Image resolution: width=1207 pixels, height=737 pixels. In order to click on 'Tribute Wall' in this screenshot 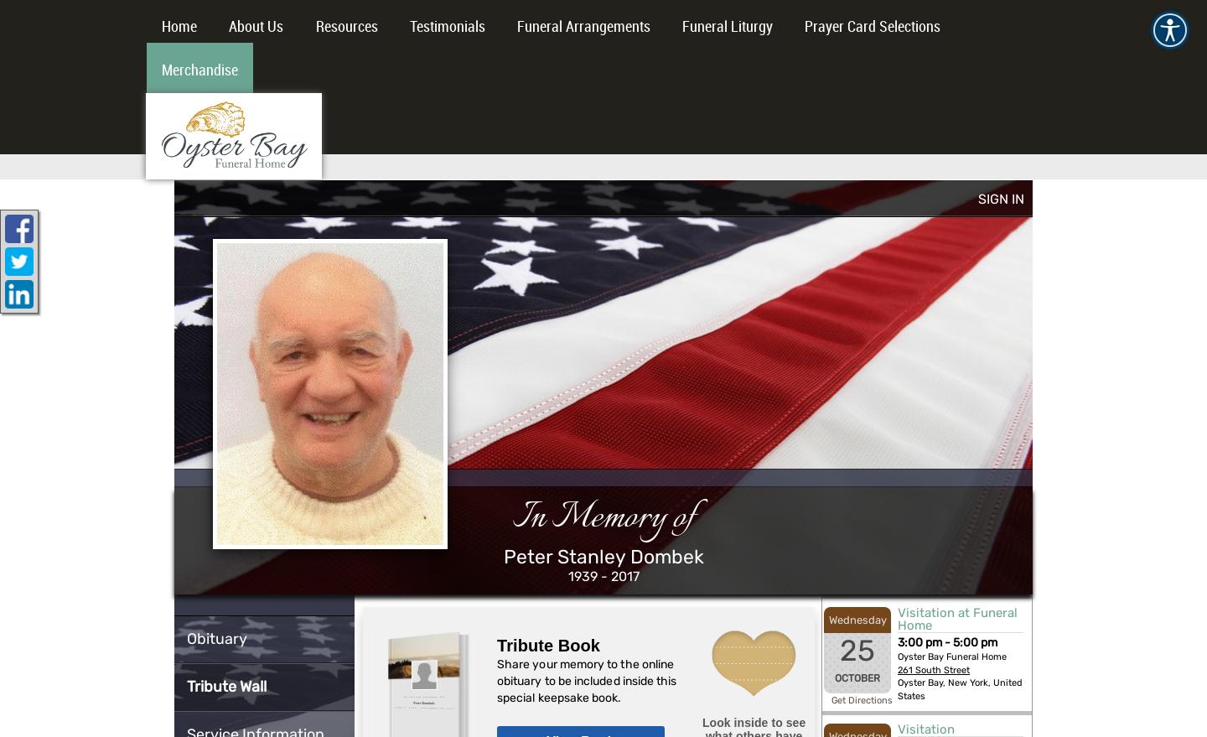, I will do `click(187, 684)`.